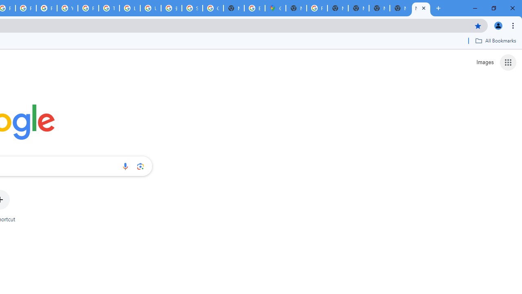 Image resolution: width=522 pixels, height=294 pixels. Describe the element at coordinates (67, 8) in the screenshot. I see `'YouTube'` at that location.